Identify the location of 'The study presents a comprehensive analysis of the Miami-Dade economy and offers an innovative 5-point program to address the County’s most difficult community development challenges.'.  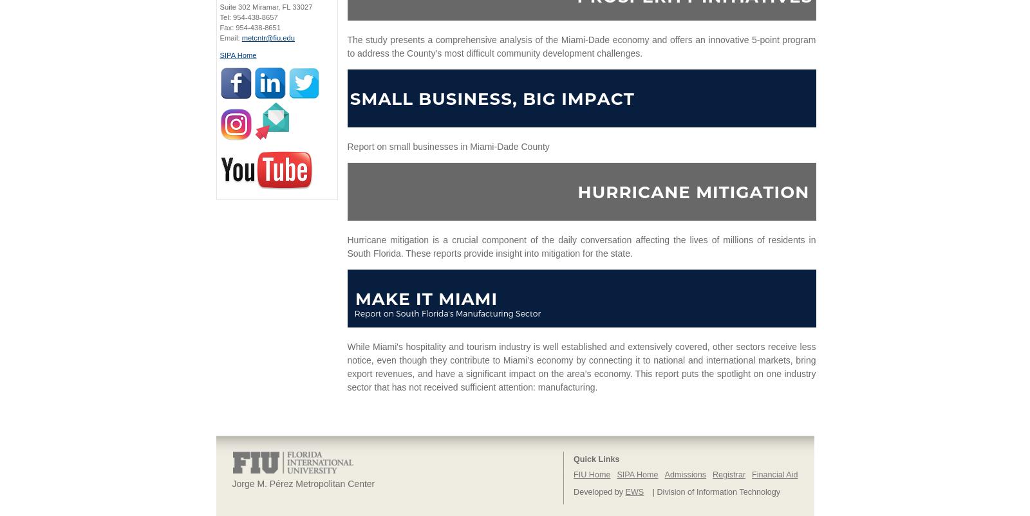
(346, 46).